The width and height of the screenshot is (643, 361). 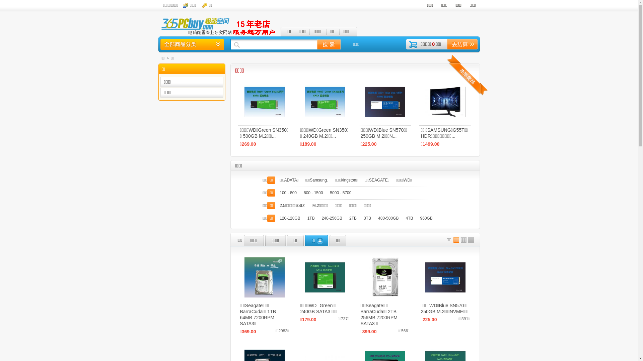 What do you see at coordinates (341, 193) in the screenshot?
I see `'5000 - 5700'` at bounding box center [341, 193].